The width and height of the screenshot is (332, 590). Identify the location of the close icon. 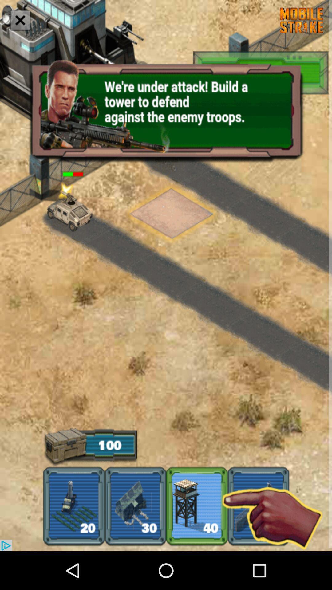
(20, 22).